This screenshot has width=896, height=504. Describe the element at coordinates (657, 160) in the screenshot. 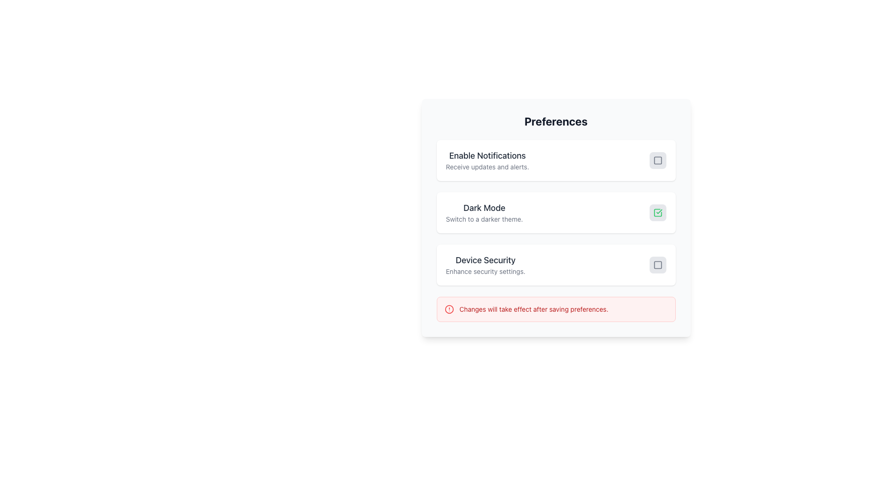

I see `the toggle switch (unchecked state) located in the 'Enable Notifications' section of the Preferences settings` at that location.